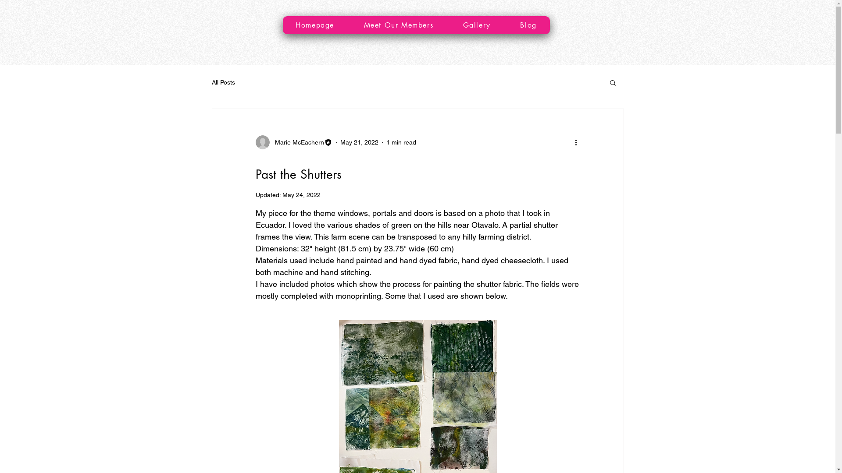 Image resolution: width=842 pixels, height=473 pixels. Describe the element at coordinates (293, 141) in the screenshot. I see `'Marie McEachern'` at that location.